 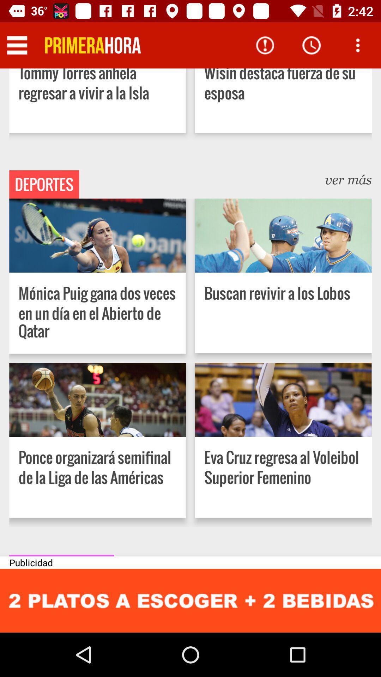 What do you see at coordinates (92, 45) in the screenshot?
I see `the app above tommy torres anhela` at bounding box center [92, 45].